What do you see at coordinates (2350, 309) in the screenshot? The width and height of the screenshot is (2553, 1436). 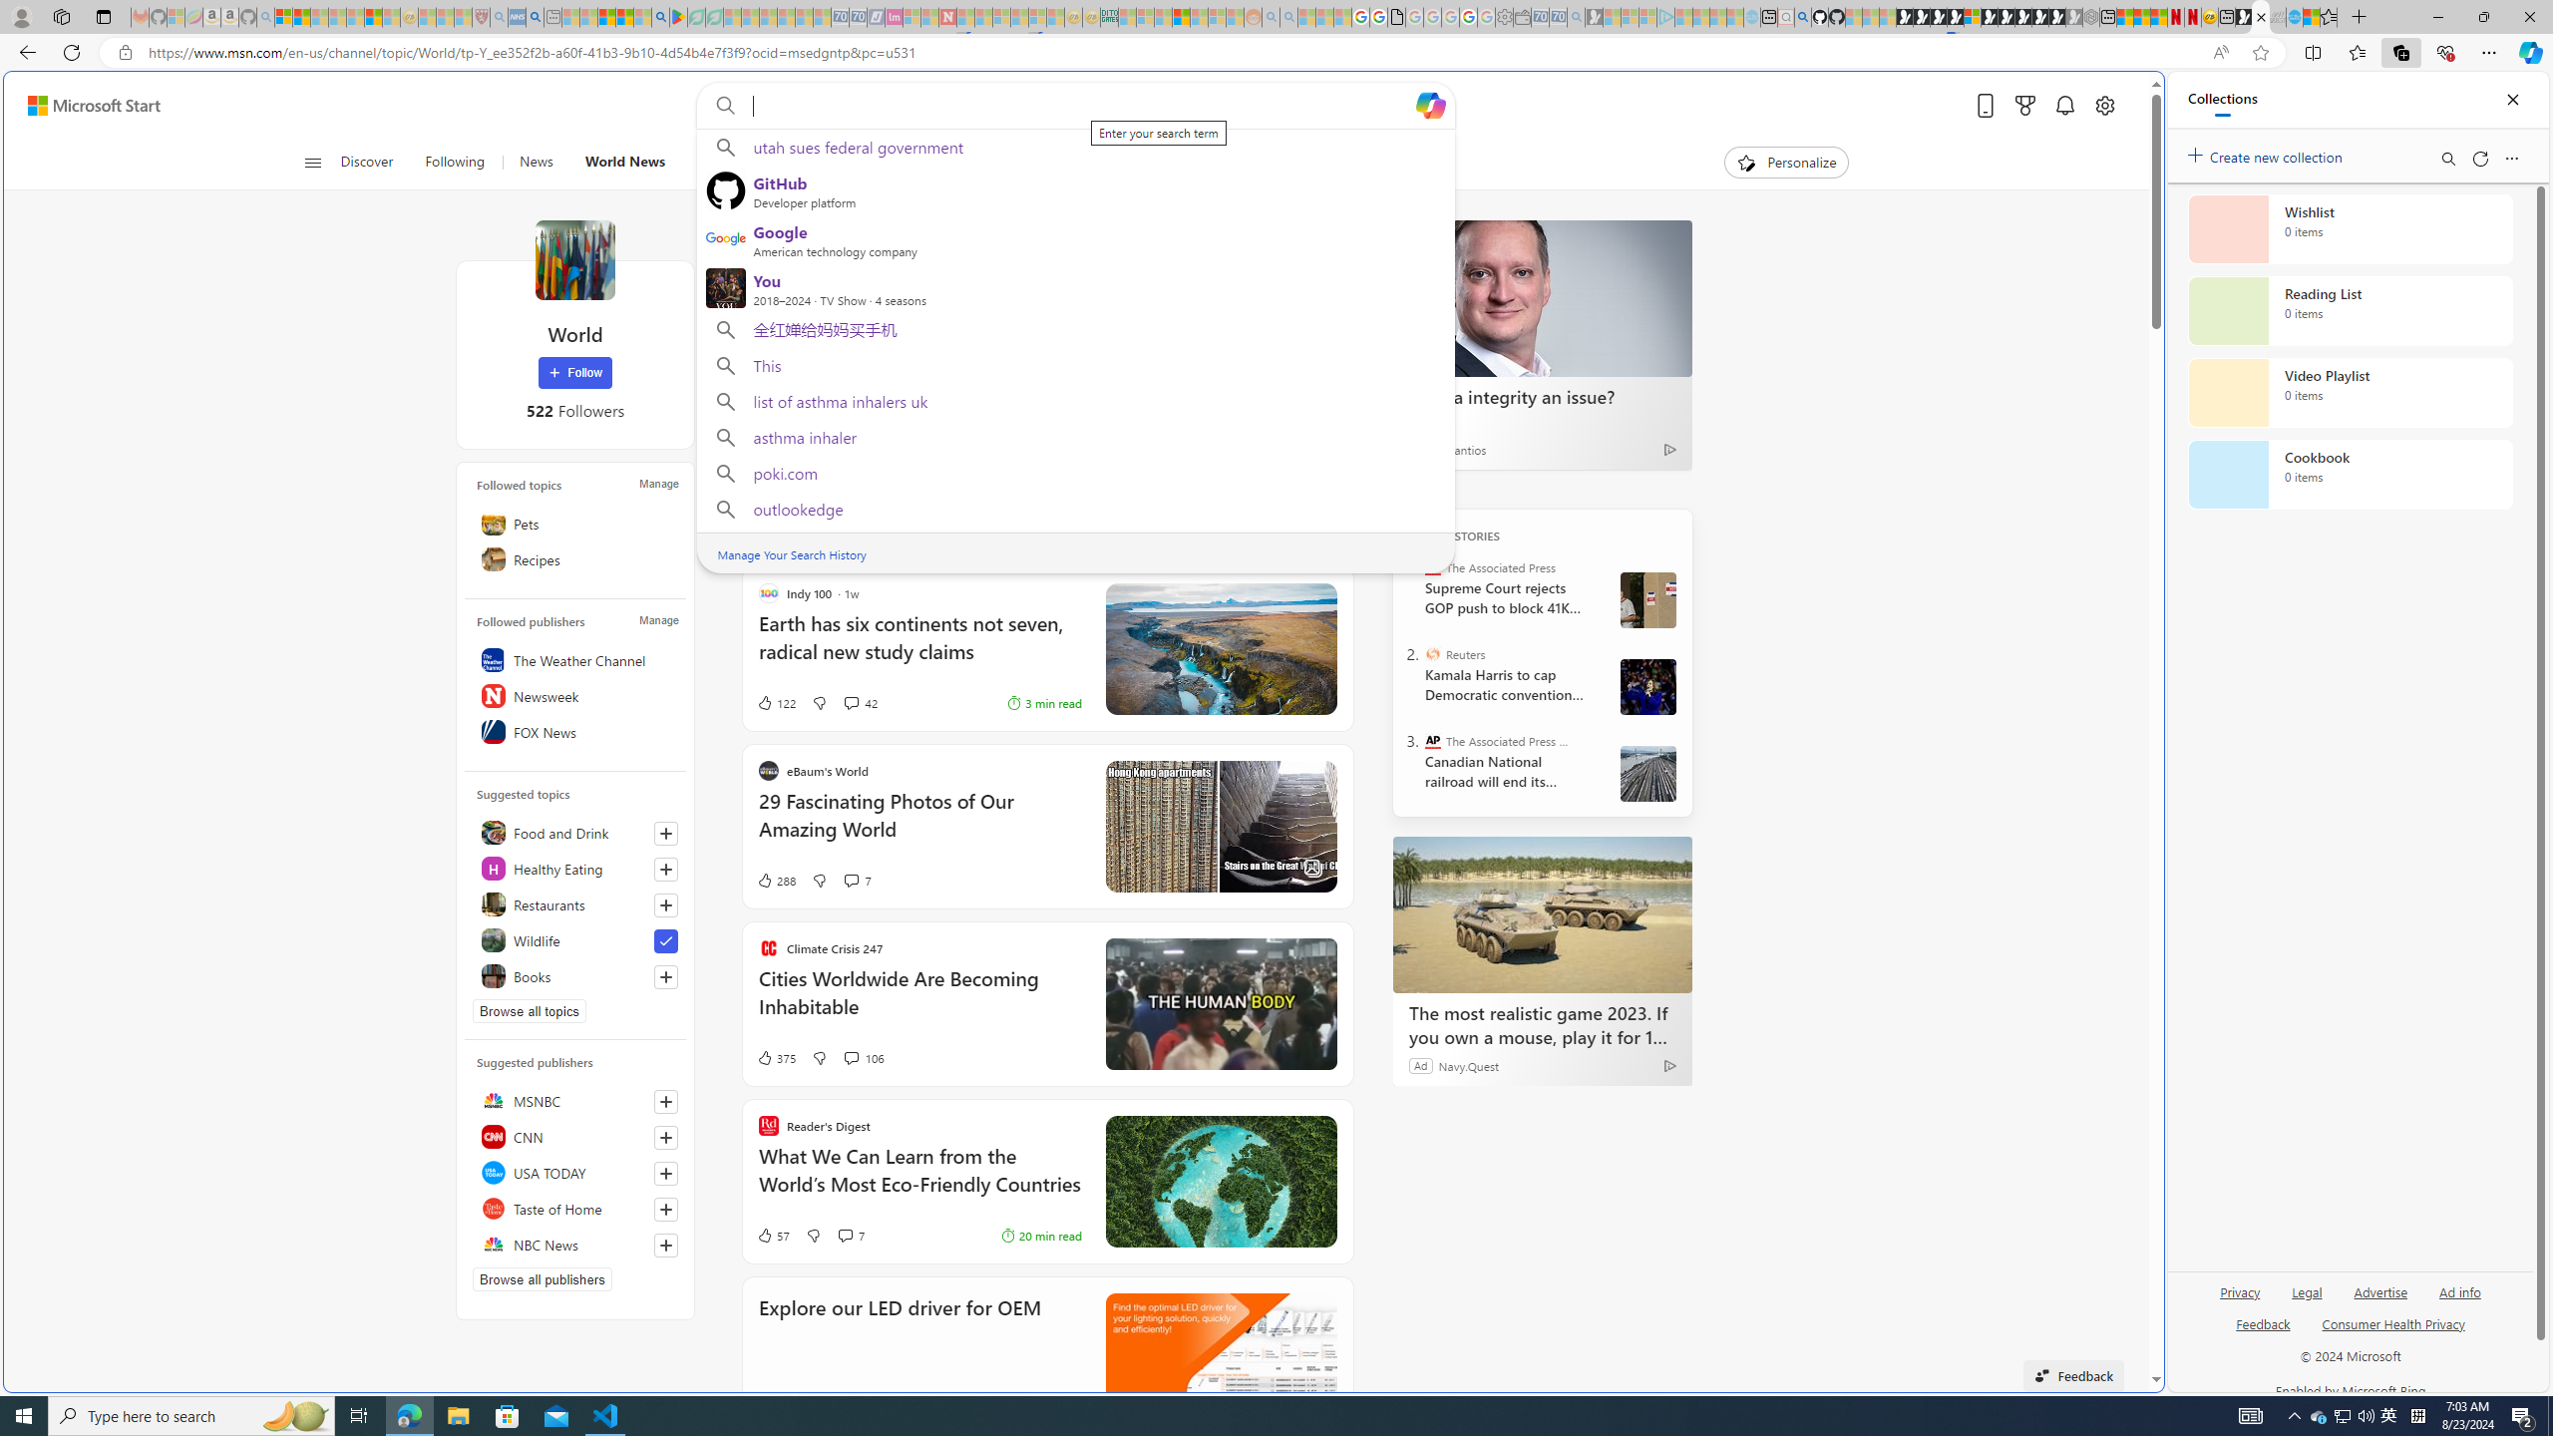 I see `'Reading List collection, 0 items'` at bounding box center [2350, 309].